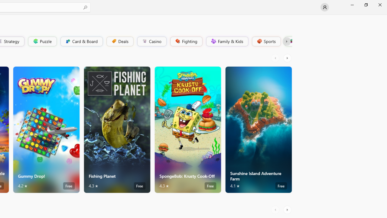 The height and width of the screenshot is (218, 387). I want to click on 'Puzzle', so click(42, 41).